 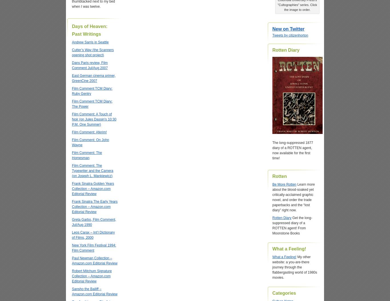 What do you see at coordinates (72, 234) in the screenshot?
I see `'Leos Carax – Int’l Dictionary of Films, 2000'` at bounding box center [72, 234].